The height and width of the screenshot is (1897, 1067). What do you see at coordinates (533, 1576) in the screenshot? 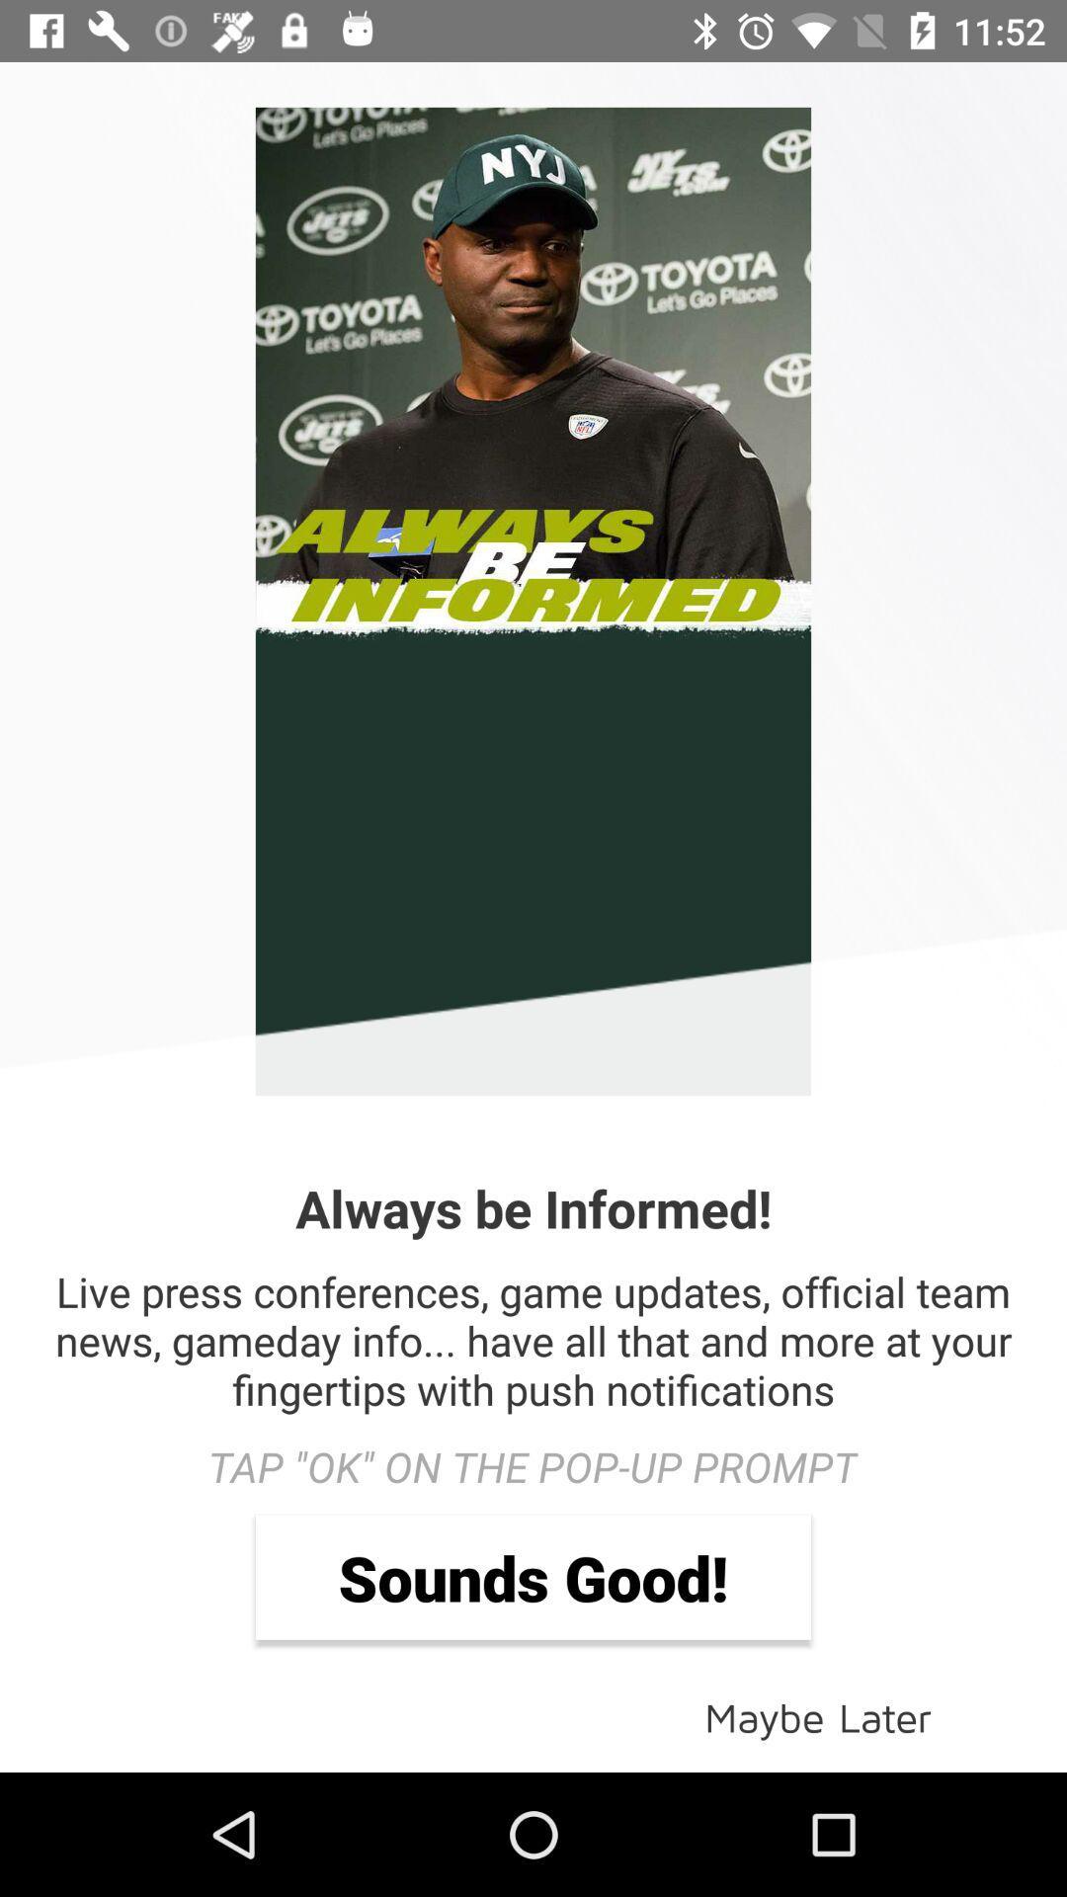
I see `item below the tap ok on icon` at bounding box center [533, 1576].